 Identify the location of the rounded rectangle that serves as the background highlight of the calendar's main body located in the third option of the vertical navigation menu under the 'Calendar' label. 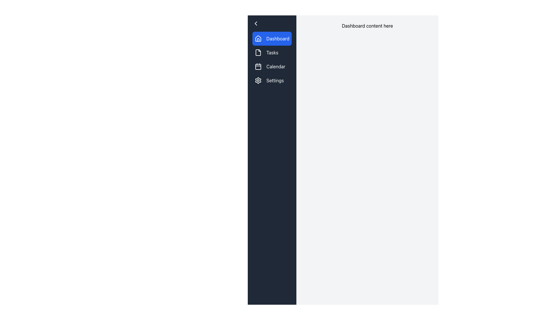
(258, 67).